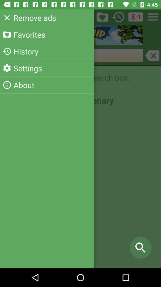 The image size is (161, 287). What do you see at coordinates (102, 16) in the screenshot?
I see `the folder icon` at bounding box center [102, 16].